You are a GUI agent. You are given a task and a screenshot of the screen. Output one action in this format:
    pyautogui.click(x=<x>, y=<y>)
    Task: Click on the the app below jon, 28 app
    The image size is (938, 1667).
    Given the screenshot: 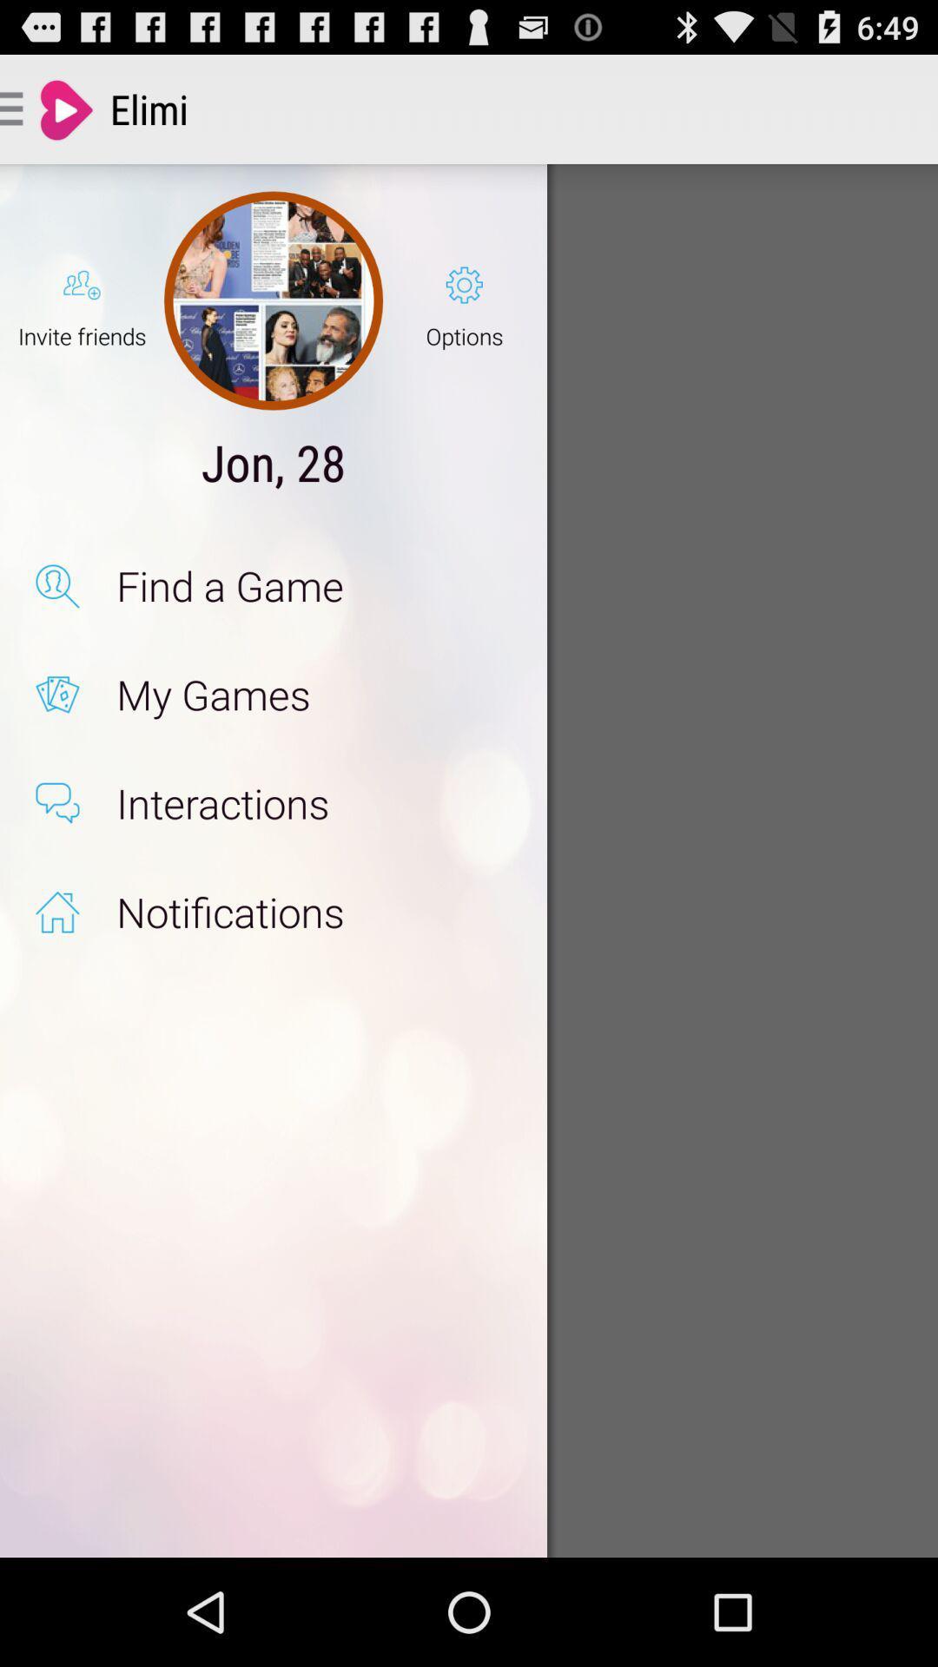 What is the action you would take?
    pyautogui.click(x=314, y=586)
    